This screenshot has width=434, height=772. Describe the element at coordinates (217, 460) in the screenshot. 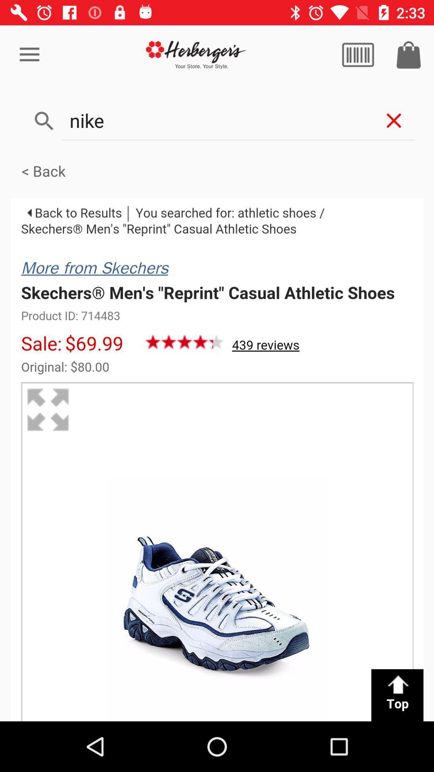

I see `image description` at that location.